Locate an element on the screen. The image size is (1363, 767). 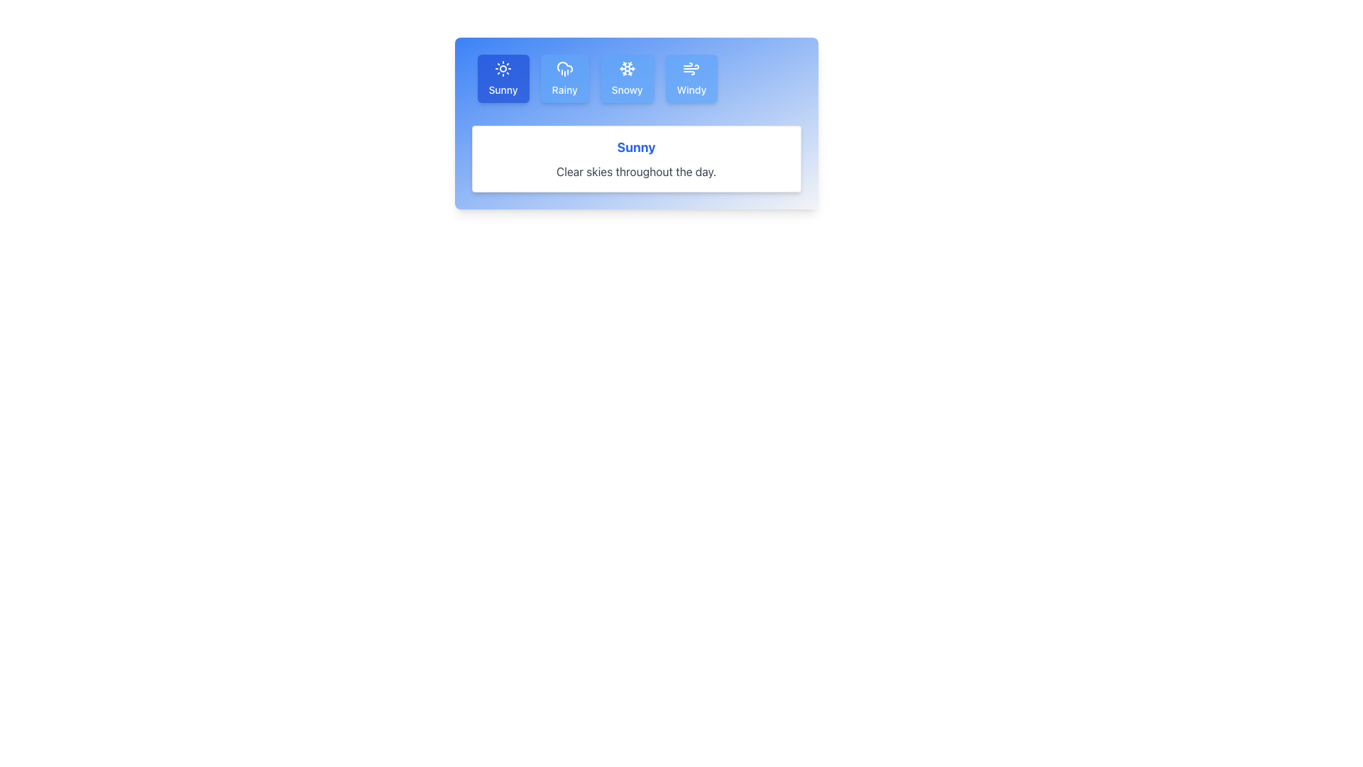
the 'Snowy' button, the third button in a row of four, located at the top center of the interface, to focus on it using keyboard navigation is located at coordinates (626, 79).